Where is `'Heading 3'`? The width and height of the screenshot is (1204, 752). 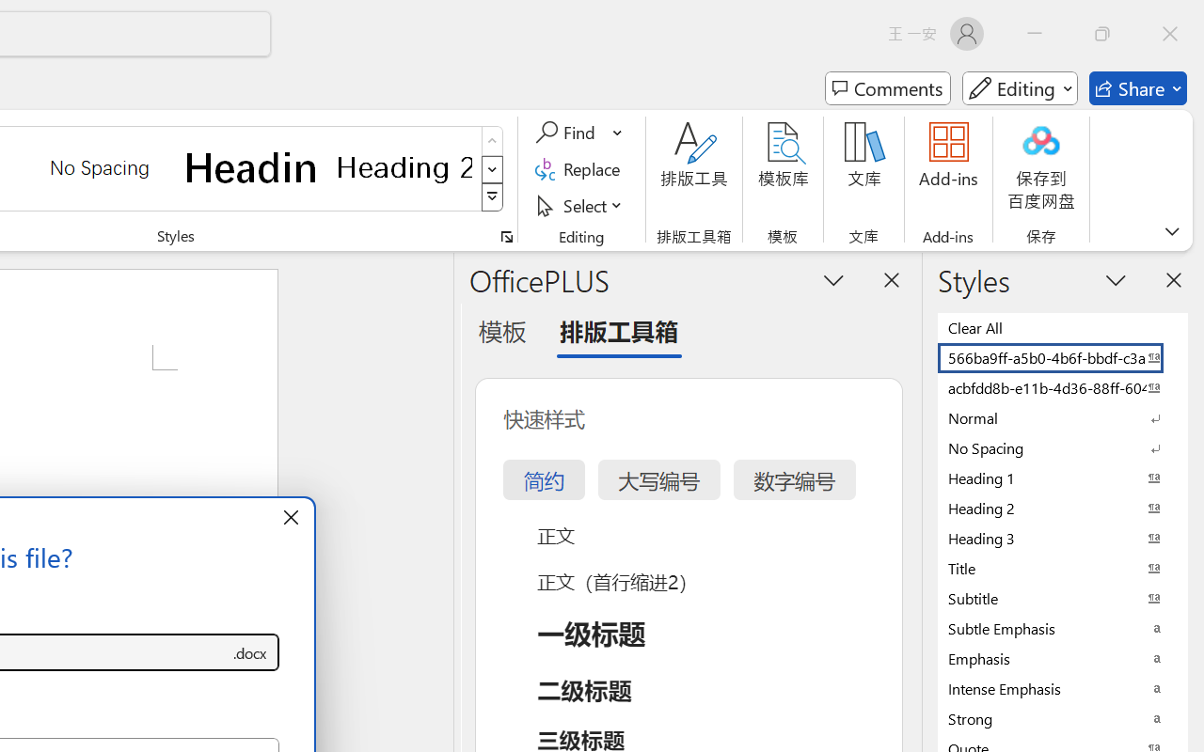
'Heading 3' is located at coordinates (1063, 537).